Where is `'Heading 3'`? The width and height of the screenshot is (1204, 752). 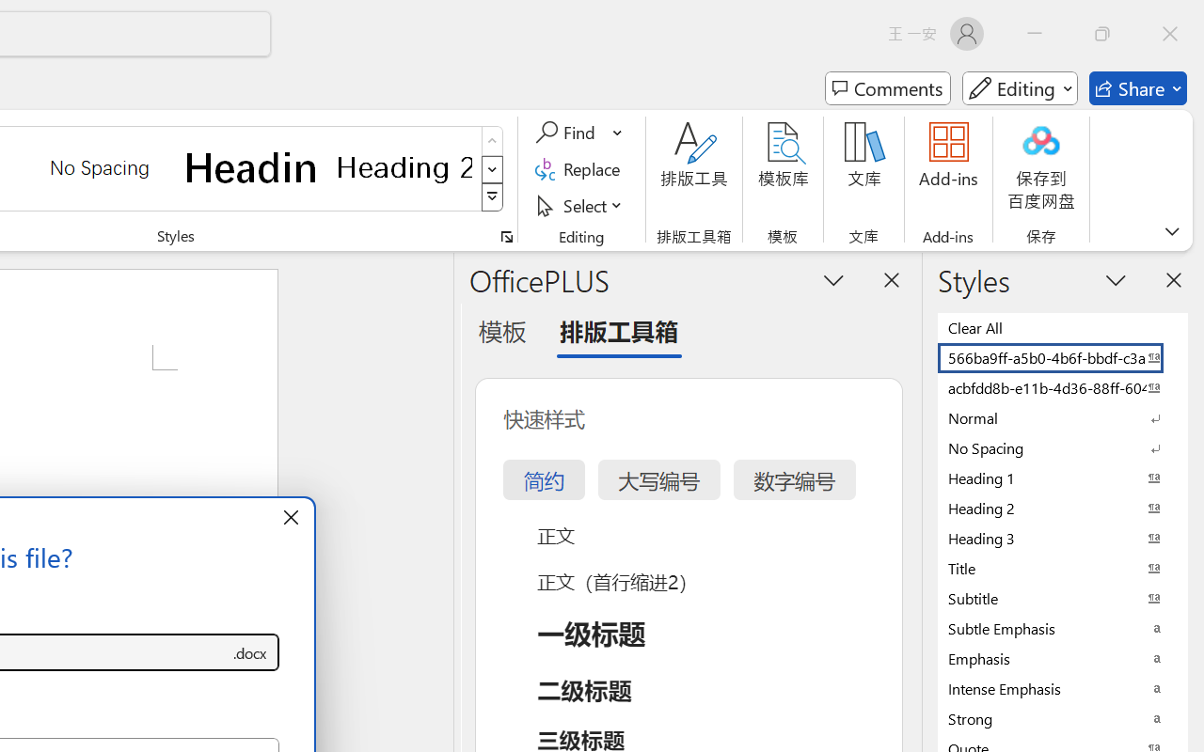
'Heading 3' is located at coordinates (1063, 537).